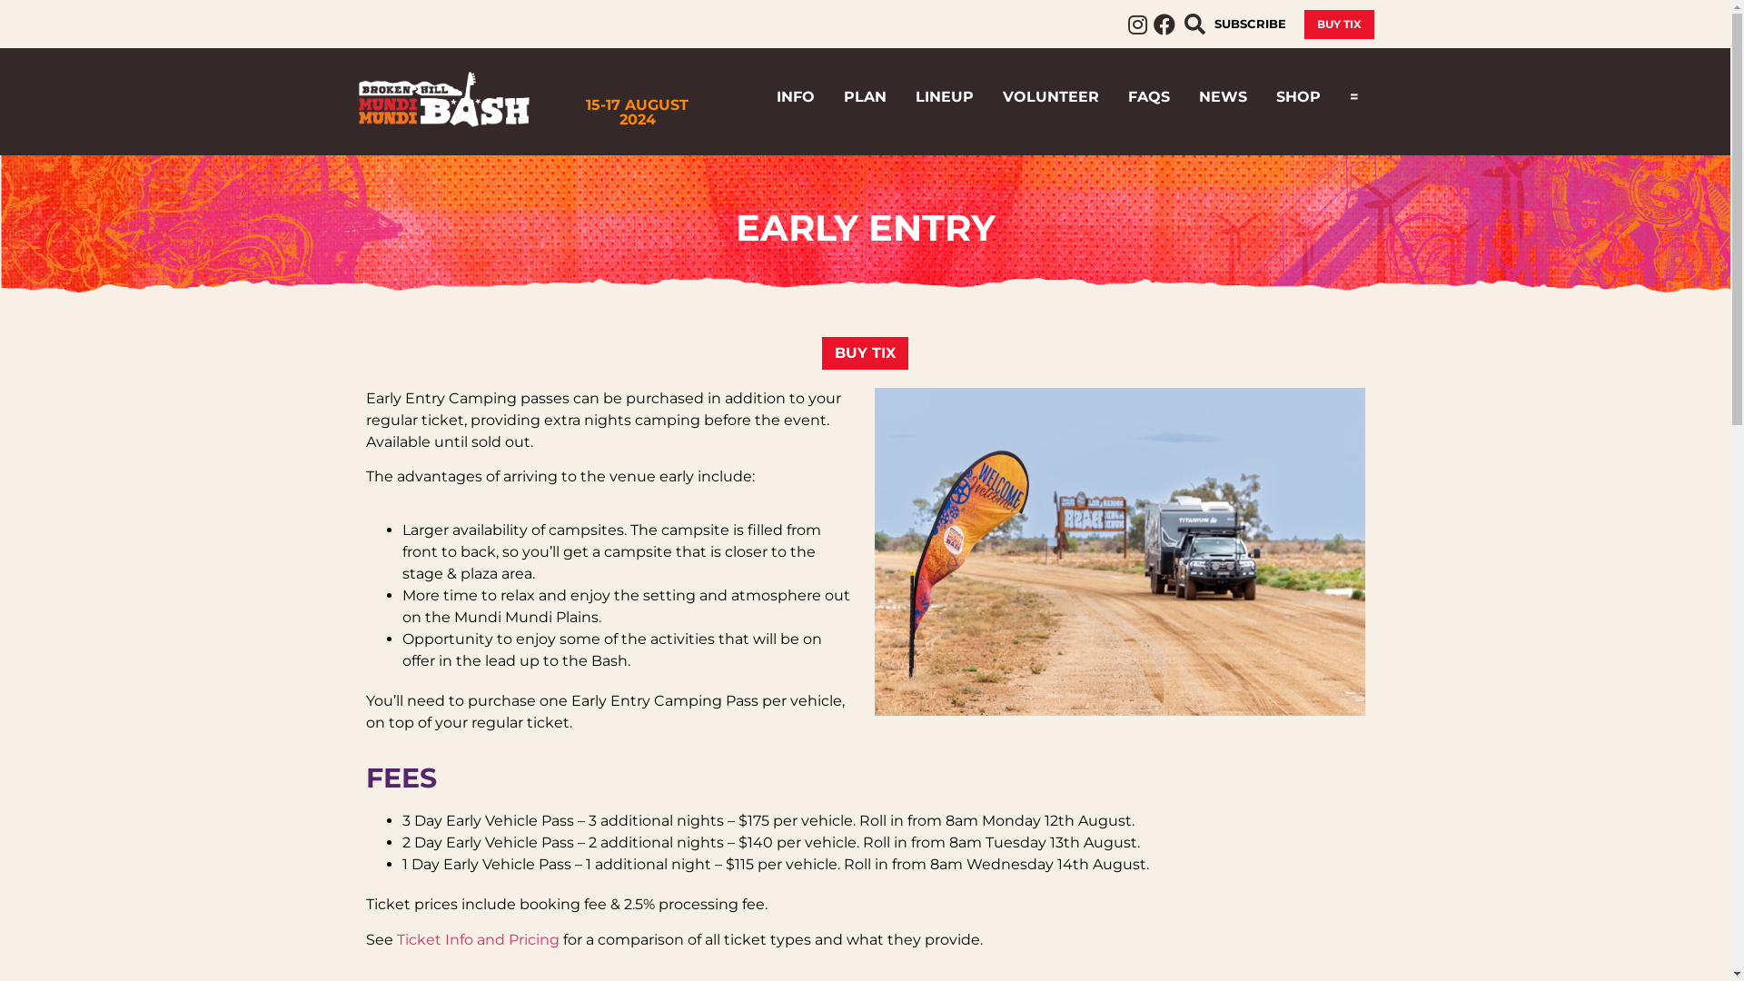  I want to click on 'INFO', so click(795, 97).